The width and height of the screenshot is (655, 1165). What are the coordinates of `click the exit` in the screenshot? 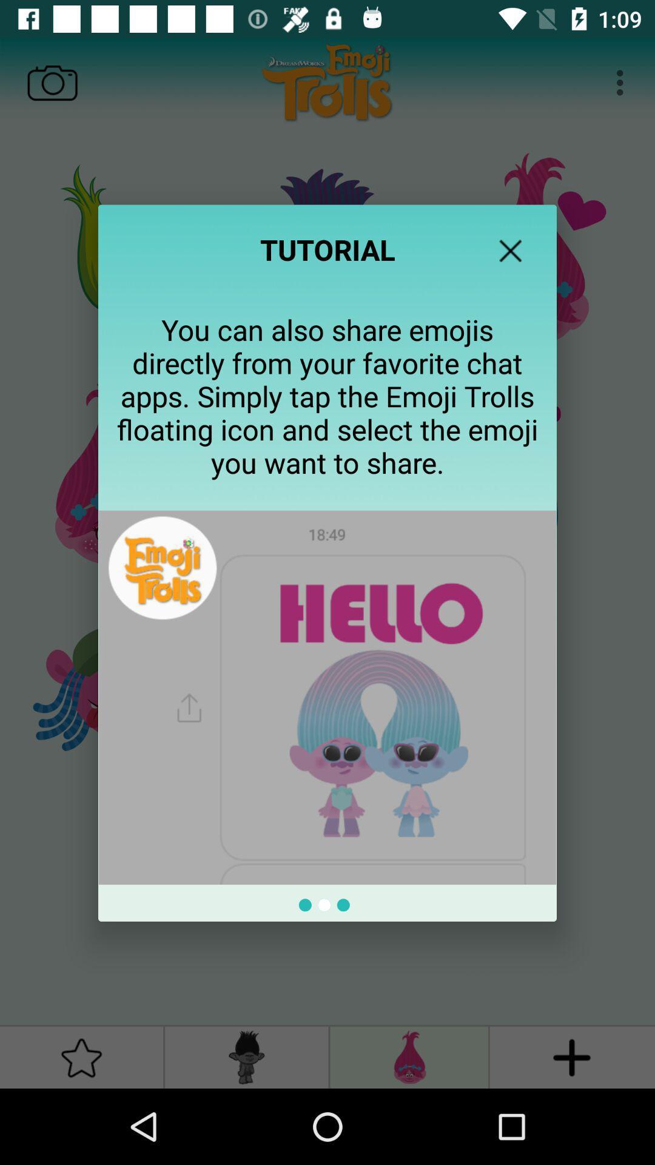 It's located at (510, 250).